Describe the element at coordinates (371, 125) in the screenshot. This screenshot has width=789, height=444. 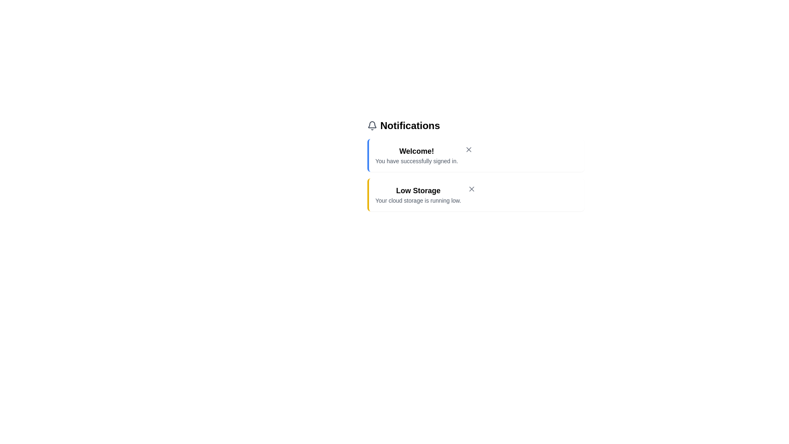
I see `the notification icon located at the top-left of the 'Notifications' section, directly left of the 'Notifications' text` at that location.